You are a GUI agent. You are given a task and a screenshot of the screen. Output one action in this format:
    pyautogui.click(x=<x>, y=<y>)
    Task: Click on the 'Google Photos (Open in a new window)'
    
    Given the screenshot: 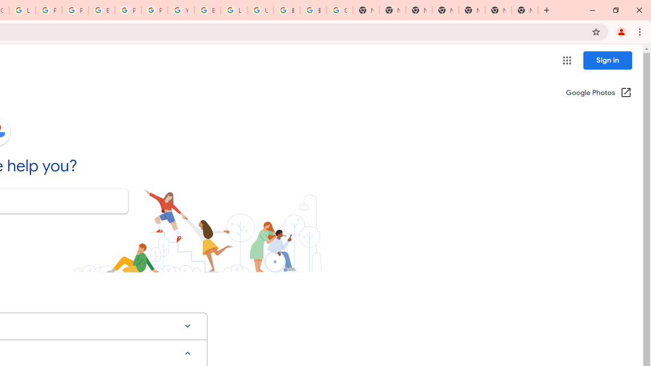 What is the action you would take?
    pyautogui.click(x=599, y=93)
    